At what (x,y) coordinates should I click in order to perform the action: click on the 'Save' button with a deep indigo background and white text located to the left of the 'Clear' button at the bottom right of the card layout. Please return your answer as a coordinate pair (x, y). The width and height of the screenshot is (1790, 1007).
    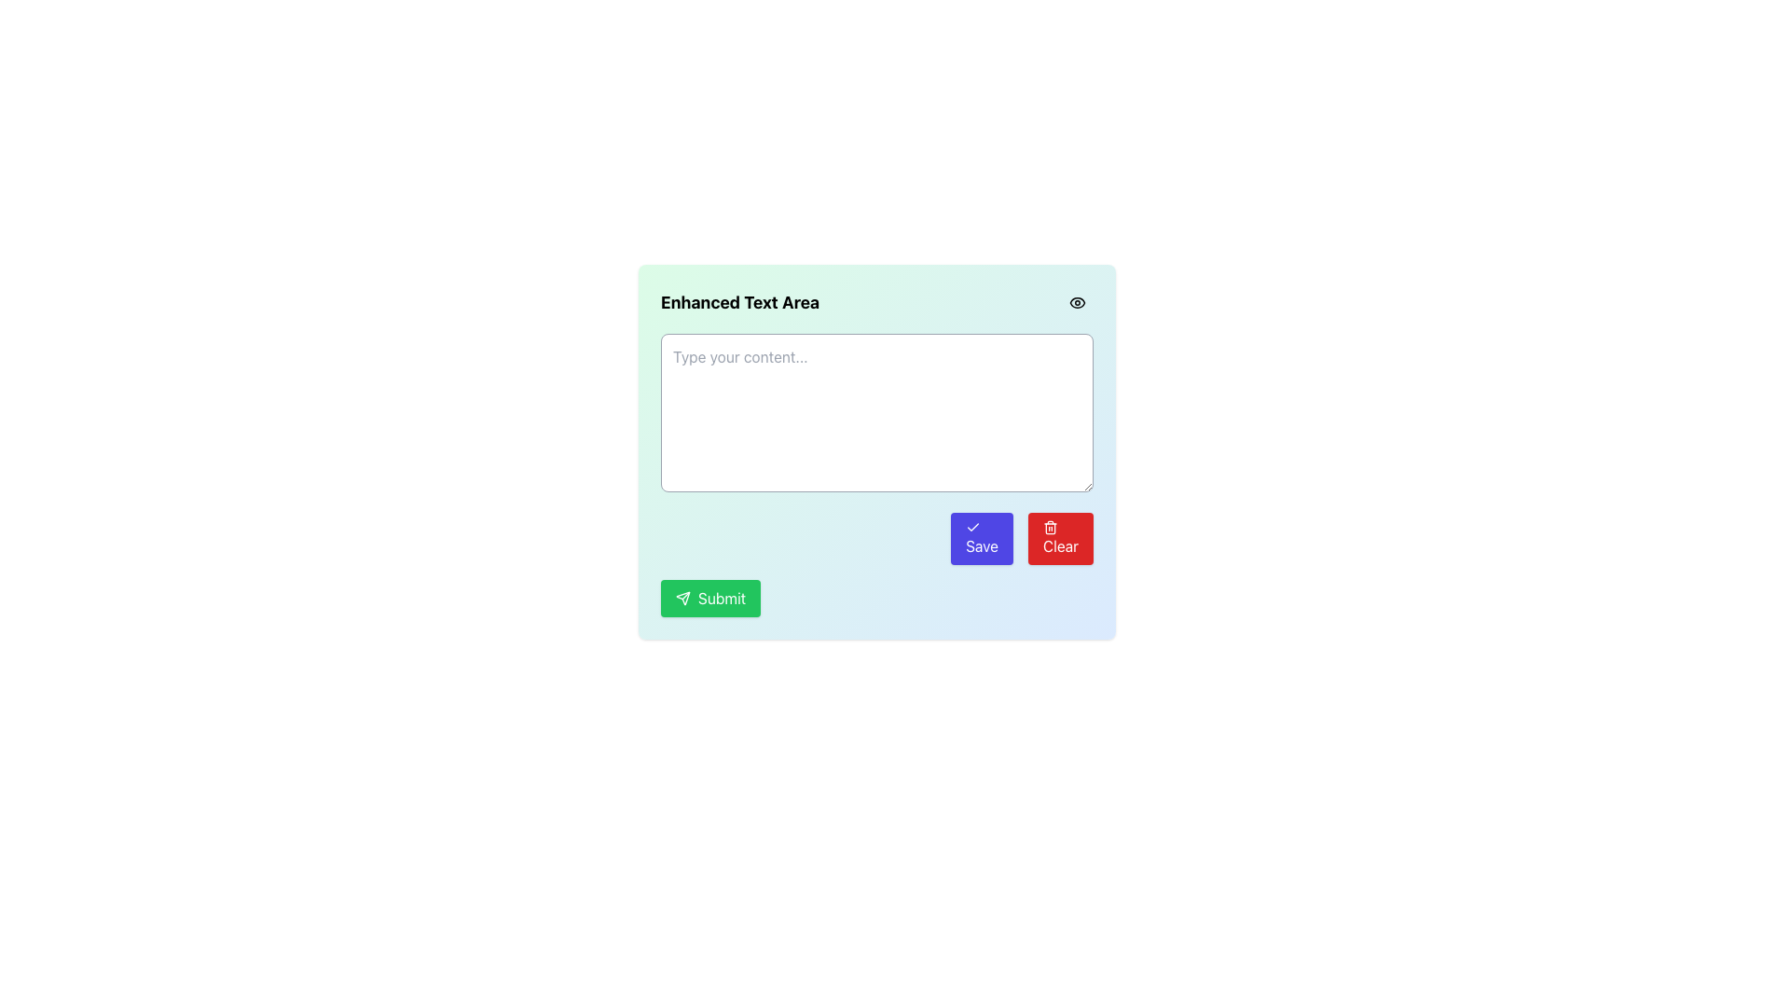
    Looking at the image, I should click on (981, 539).